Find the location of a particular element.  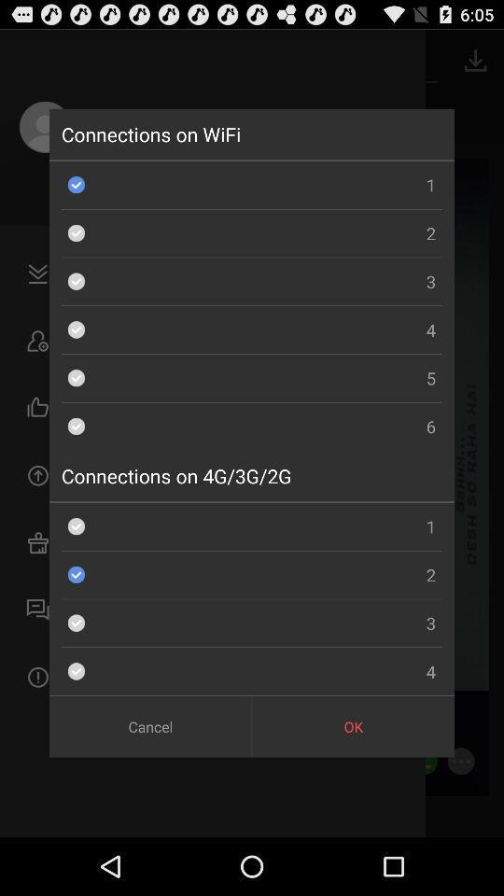

the ok button is located at coordinates (353, 725).